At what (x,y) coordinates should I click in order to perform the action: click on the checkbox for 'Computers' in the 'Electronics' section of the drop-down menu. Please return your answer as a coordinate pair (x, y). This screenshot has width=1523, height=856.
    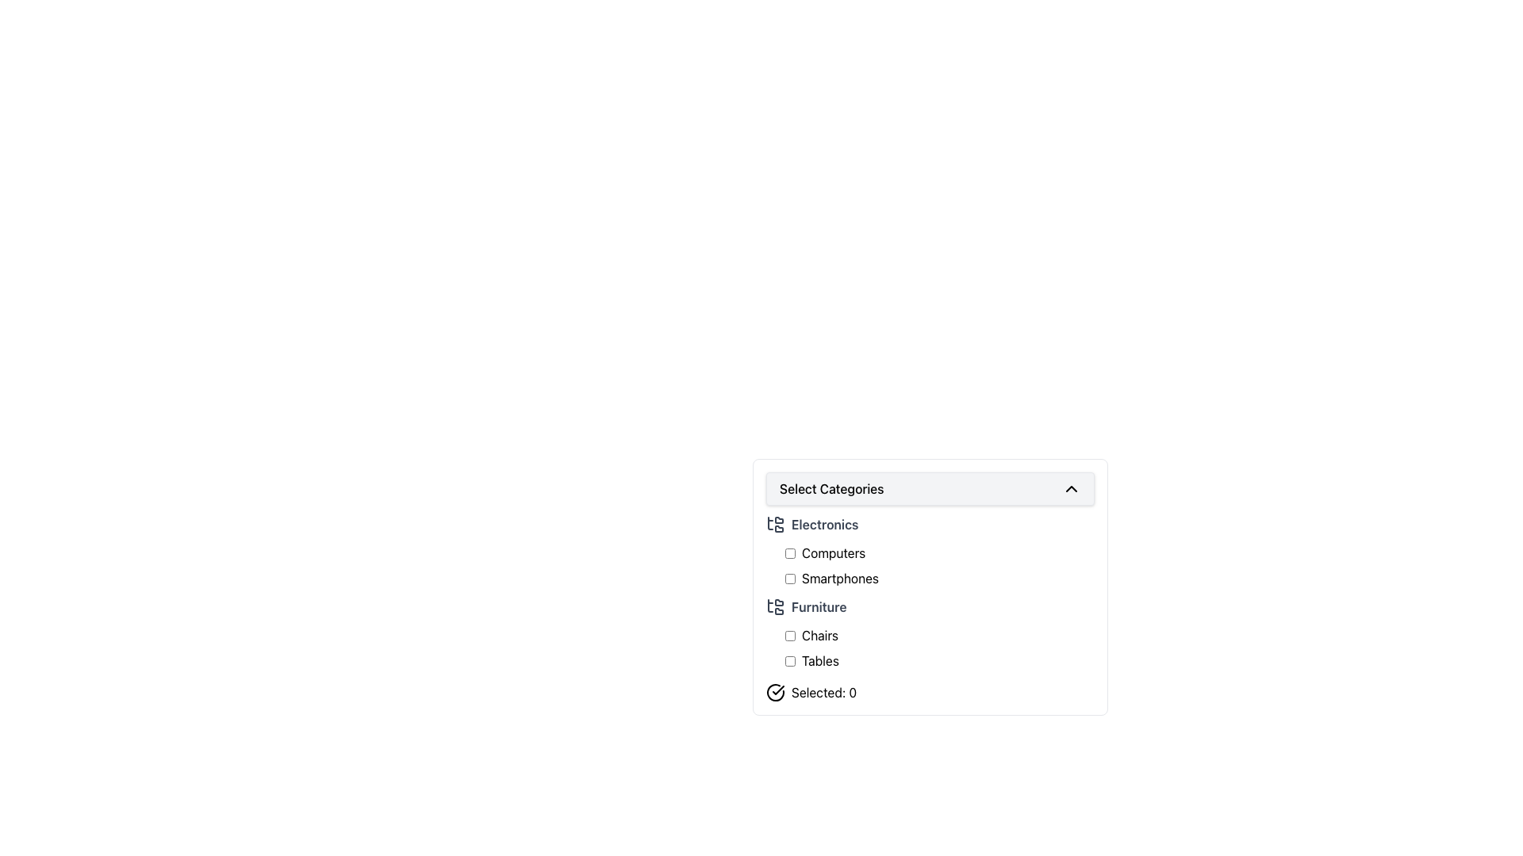
    Looking at the image, I should click on (940, 564).